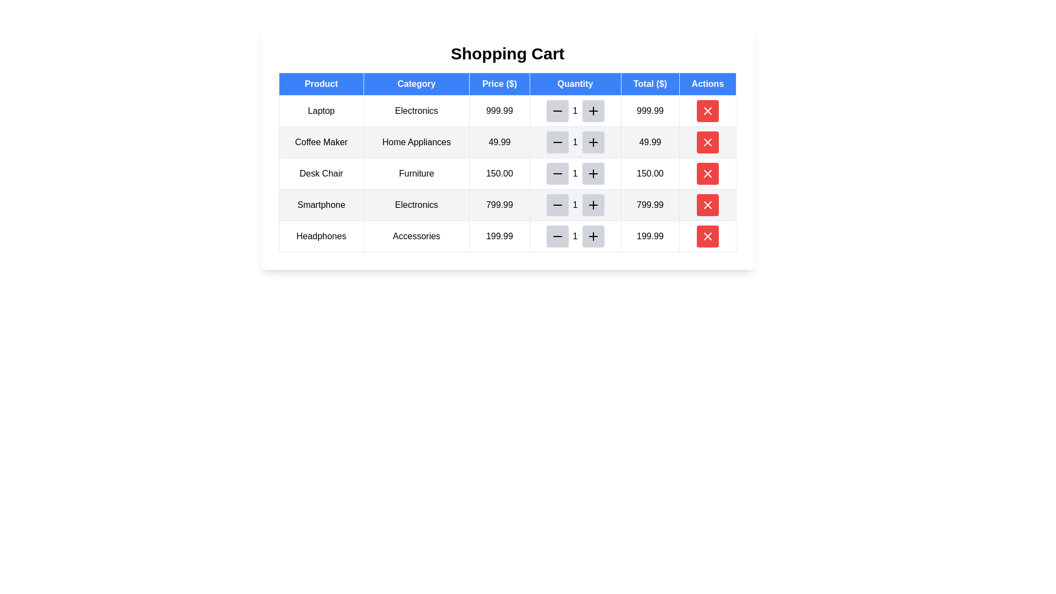  I want to click on the increment button located in the Quantity column of the second row ('Home Appliances') in the table, so click(592, 141).